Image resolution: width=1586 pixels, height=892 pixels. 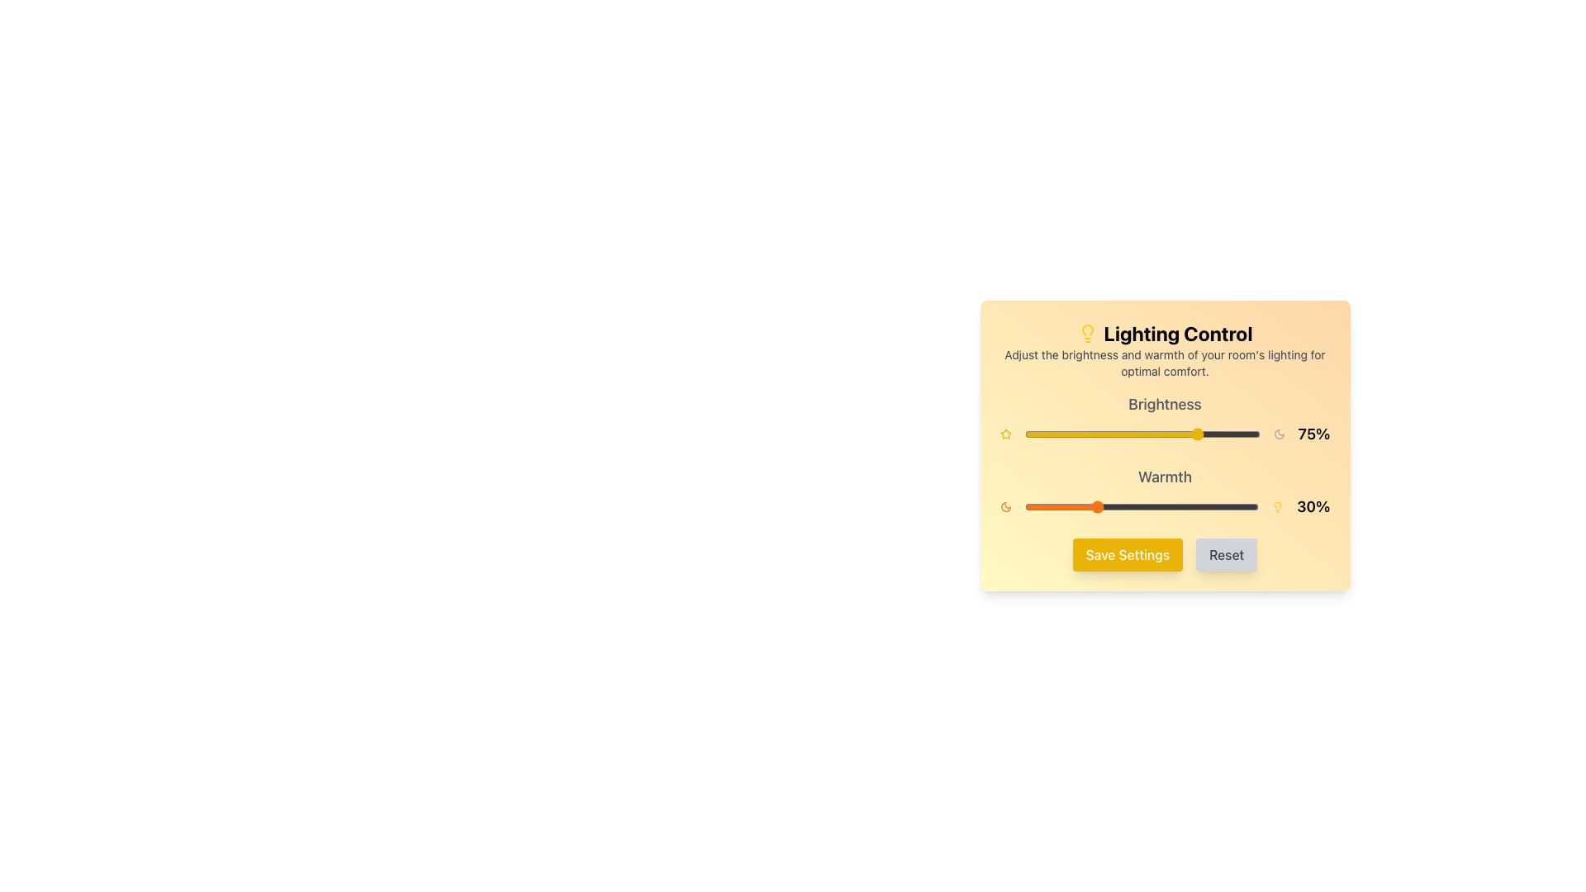 What do you see at coordinates (1120, 505) in the screenshot?
I see `warmth` at bounding box center [1120, 505].